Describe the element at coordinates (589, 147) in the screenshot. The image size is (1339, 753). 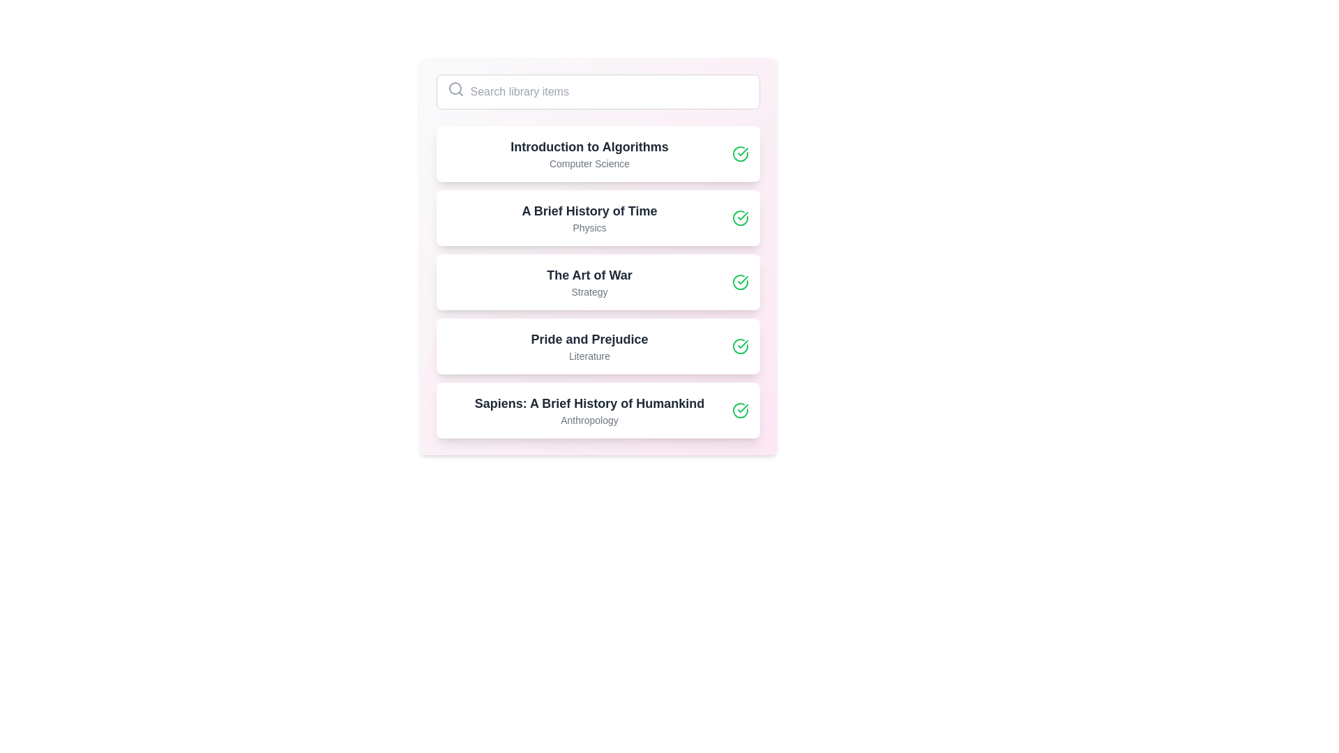
I see `the text label 'Introduction to Algorithms' which is styled in a bold, large font and located at the top of a list of items in the main content area` at that location.